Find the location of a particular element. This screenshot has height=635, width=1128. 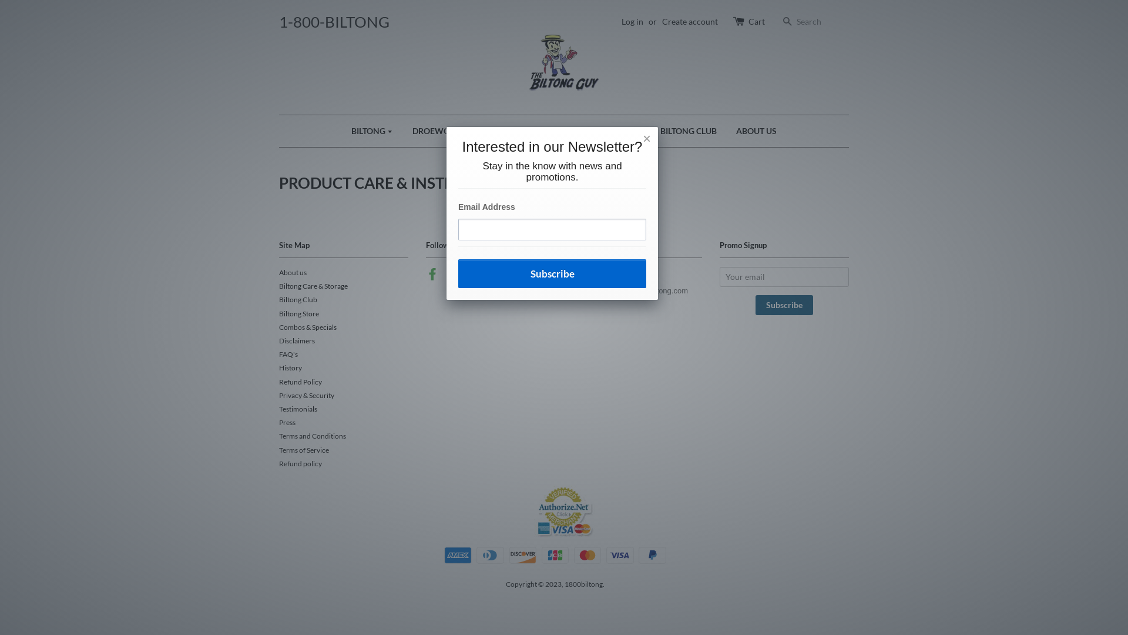

'DROEWORS' is located at coordinates (403, 131).